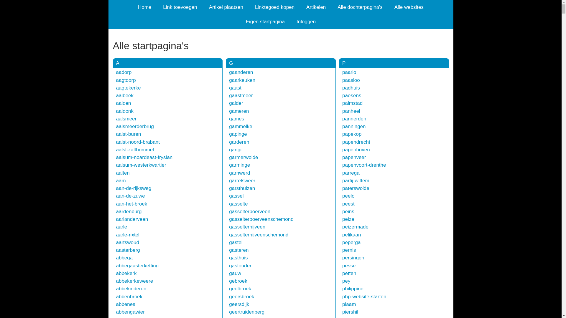 The width and height of the screenshot is (566, 318). What do you see at coordinates (132, 219) in the screenshot?
I see `'aarlanderveen'` at bounding box center [132, 219].